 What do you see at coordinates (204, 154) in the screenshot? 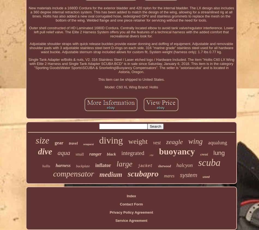
I see `'cressi'` at bounding box center [204, 154].